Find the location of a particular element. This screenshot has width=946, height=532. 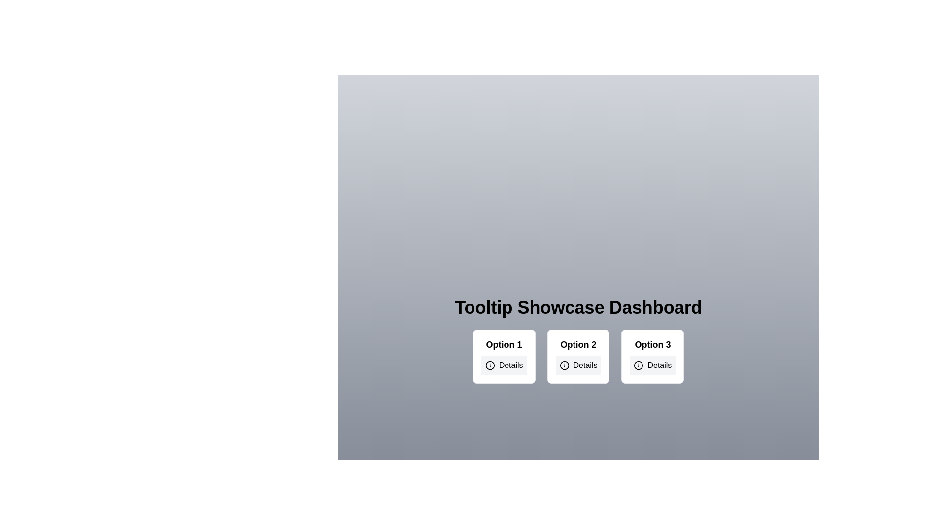

the button located at the bottom section of the card labeled 'Option 3', which provides additional details about 'Option 3' is located at coordinates (652, 365).